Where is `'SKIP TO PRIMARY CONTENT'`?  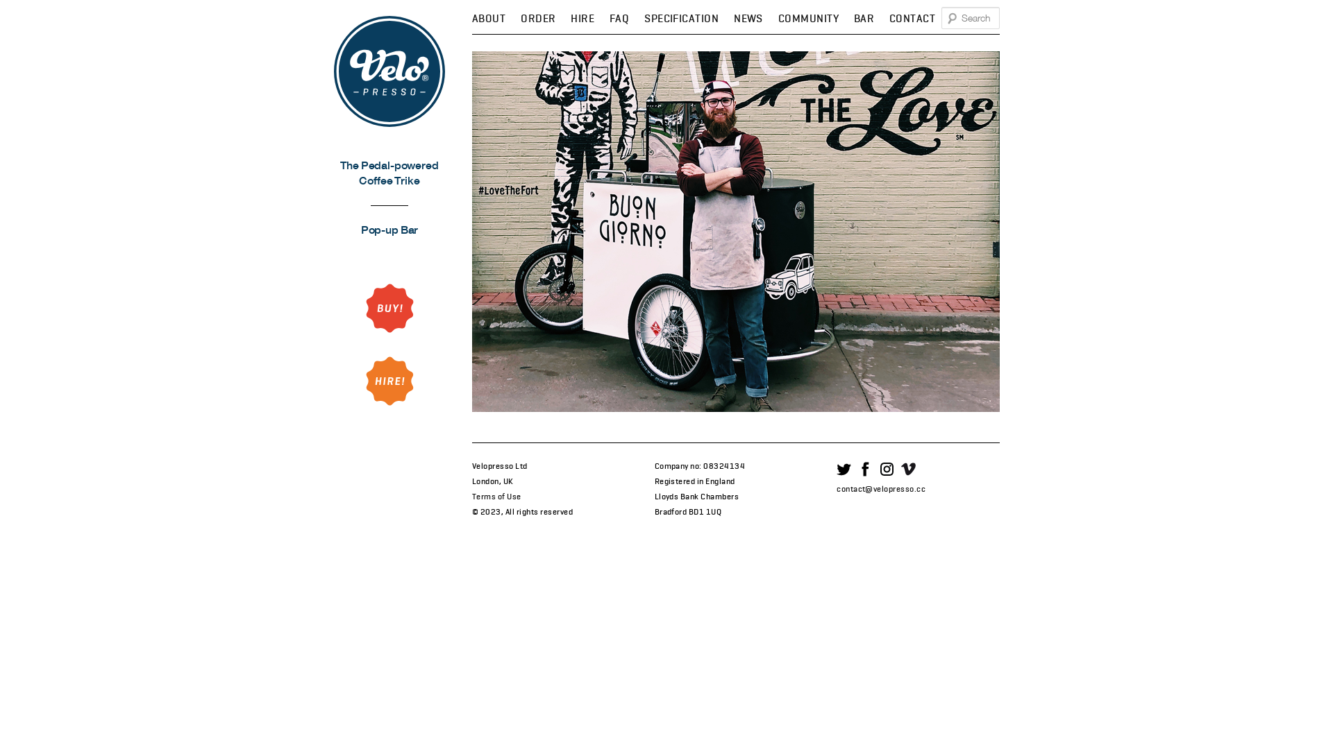
'SKIP TO PRIMARY CONTENT' is located at coordinates (544, 15).